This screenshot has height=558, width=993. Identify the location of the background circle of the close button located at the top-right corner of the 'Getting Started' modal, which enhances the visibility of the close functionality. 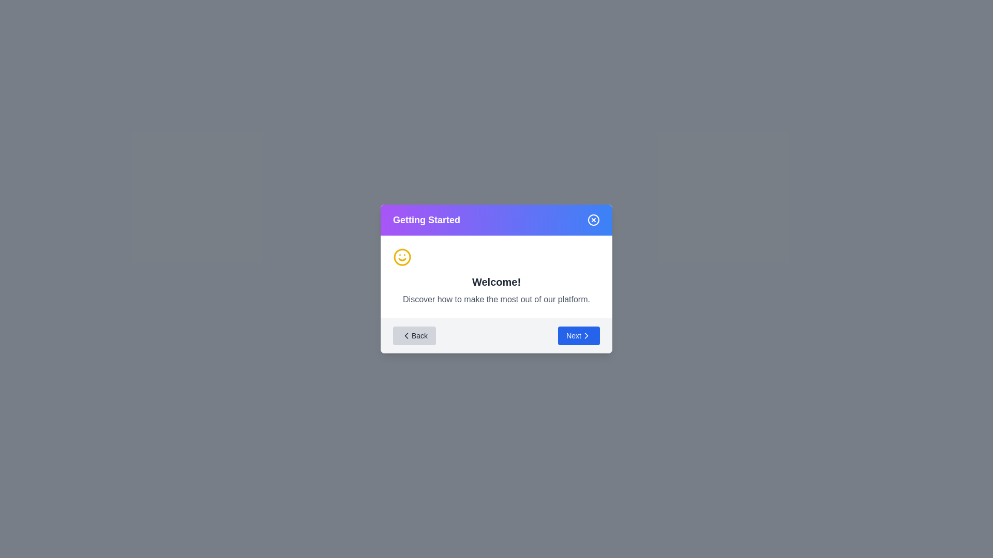
(593, 219).